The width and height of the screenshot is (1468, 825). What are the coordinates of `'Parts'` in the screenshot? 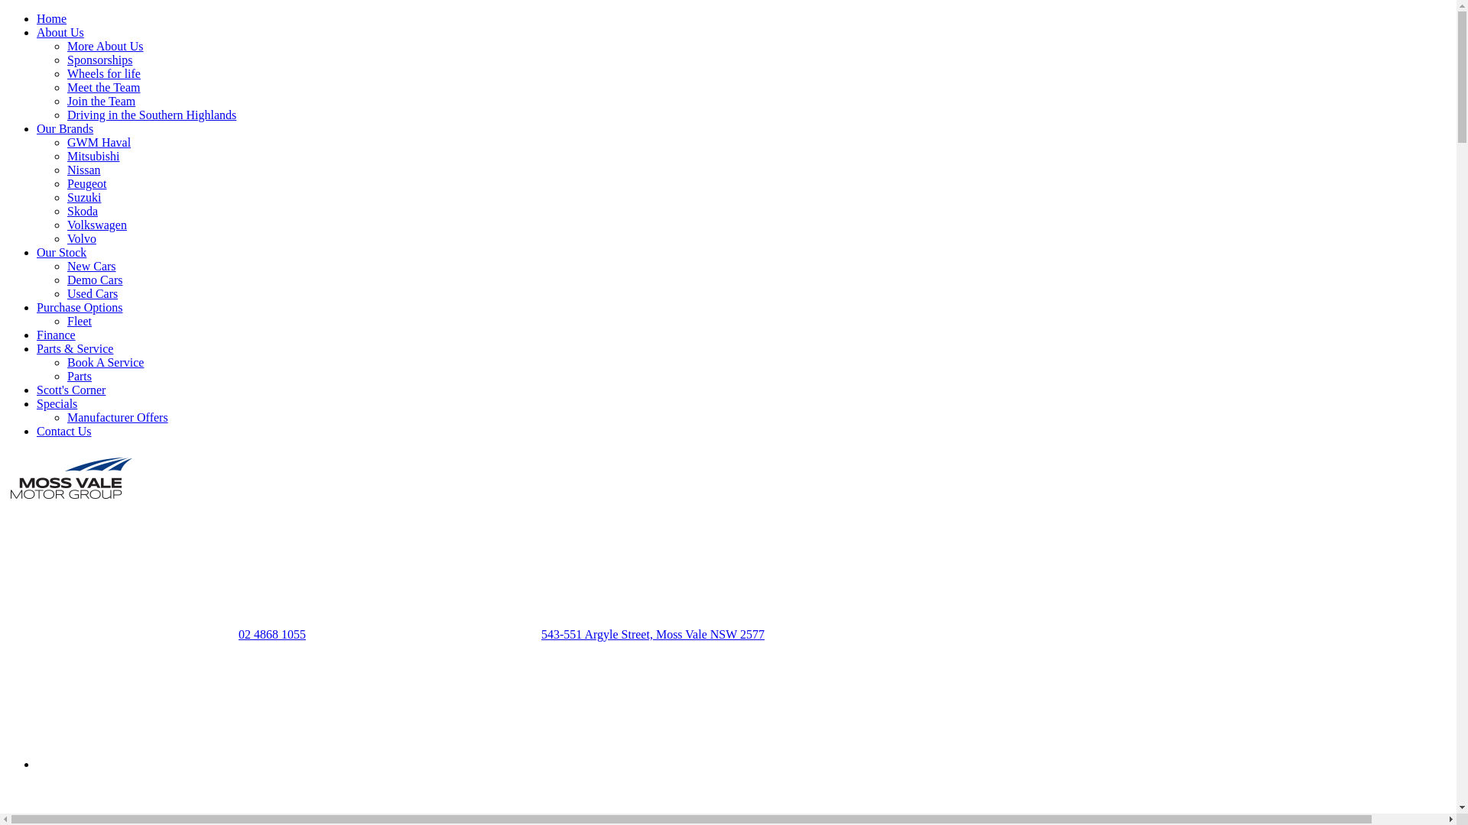 It's located at (79, 376).